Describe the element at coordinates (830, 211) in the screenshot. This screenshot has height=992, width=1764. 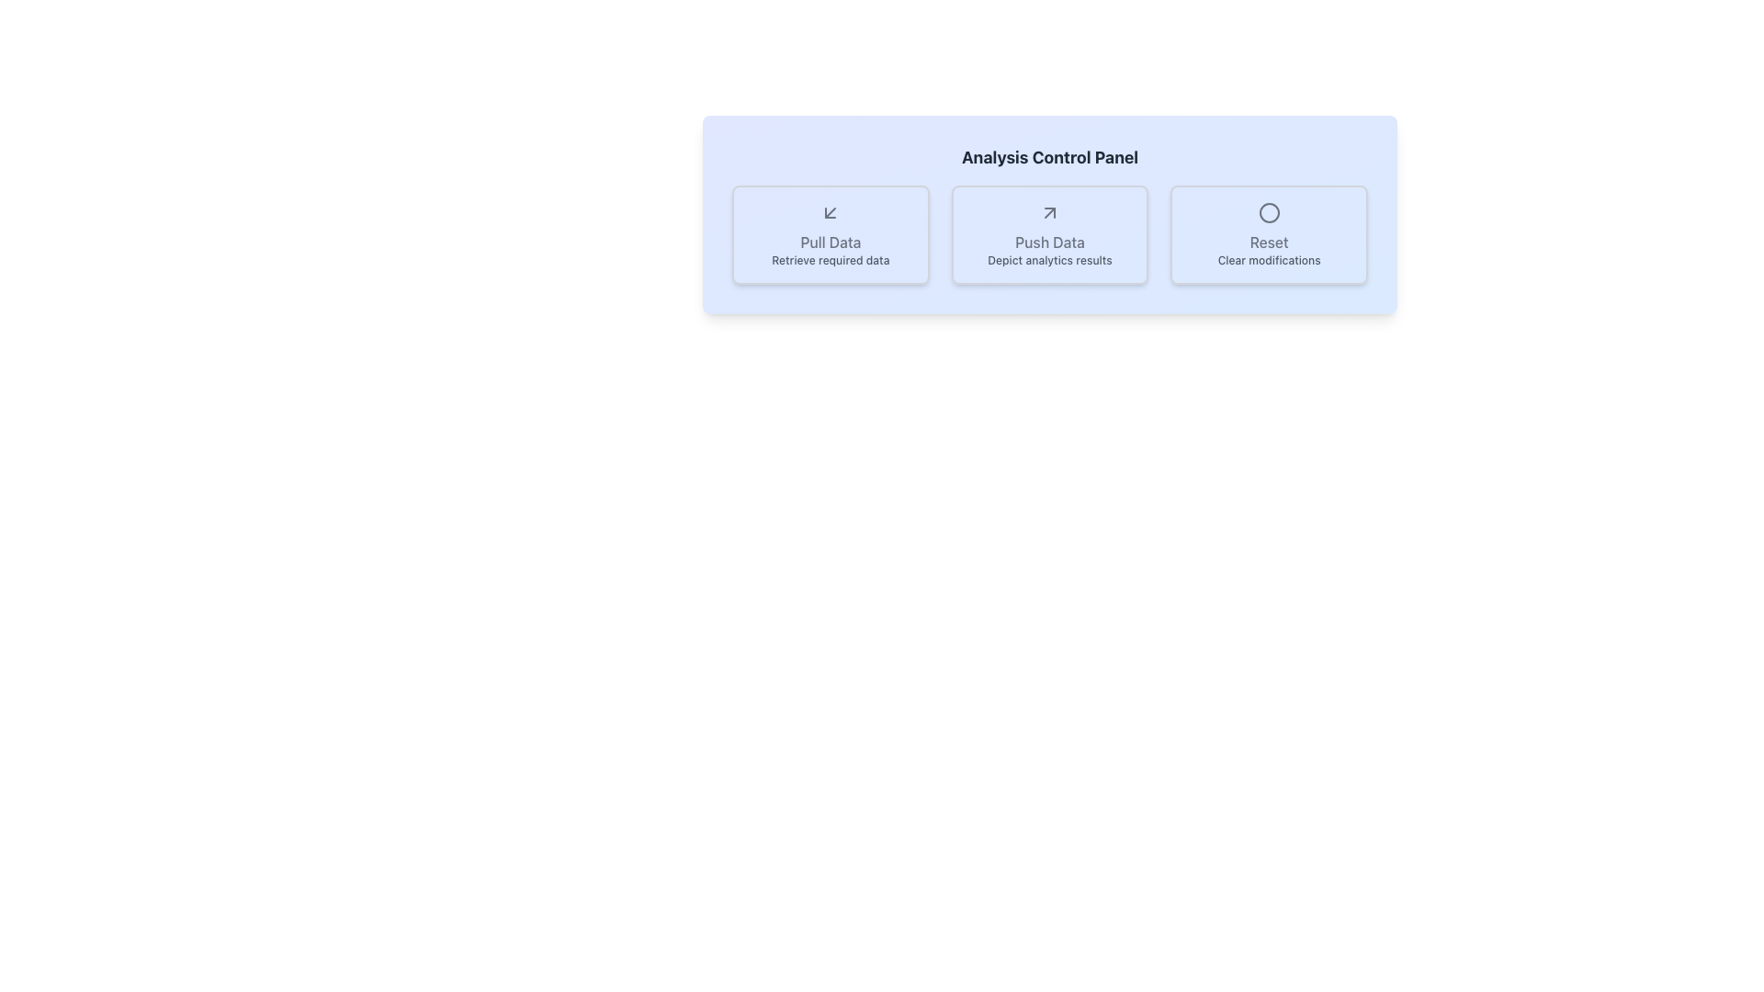
I see `the dark gray down-left arrow icon located at the top-left corner of the 'Pull Data' button in the control panel` at that location.